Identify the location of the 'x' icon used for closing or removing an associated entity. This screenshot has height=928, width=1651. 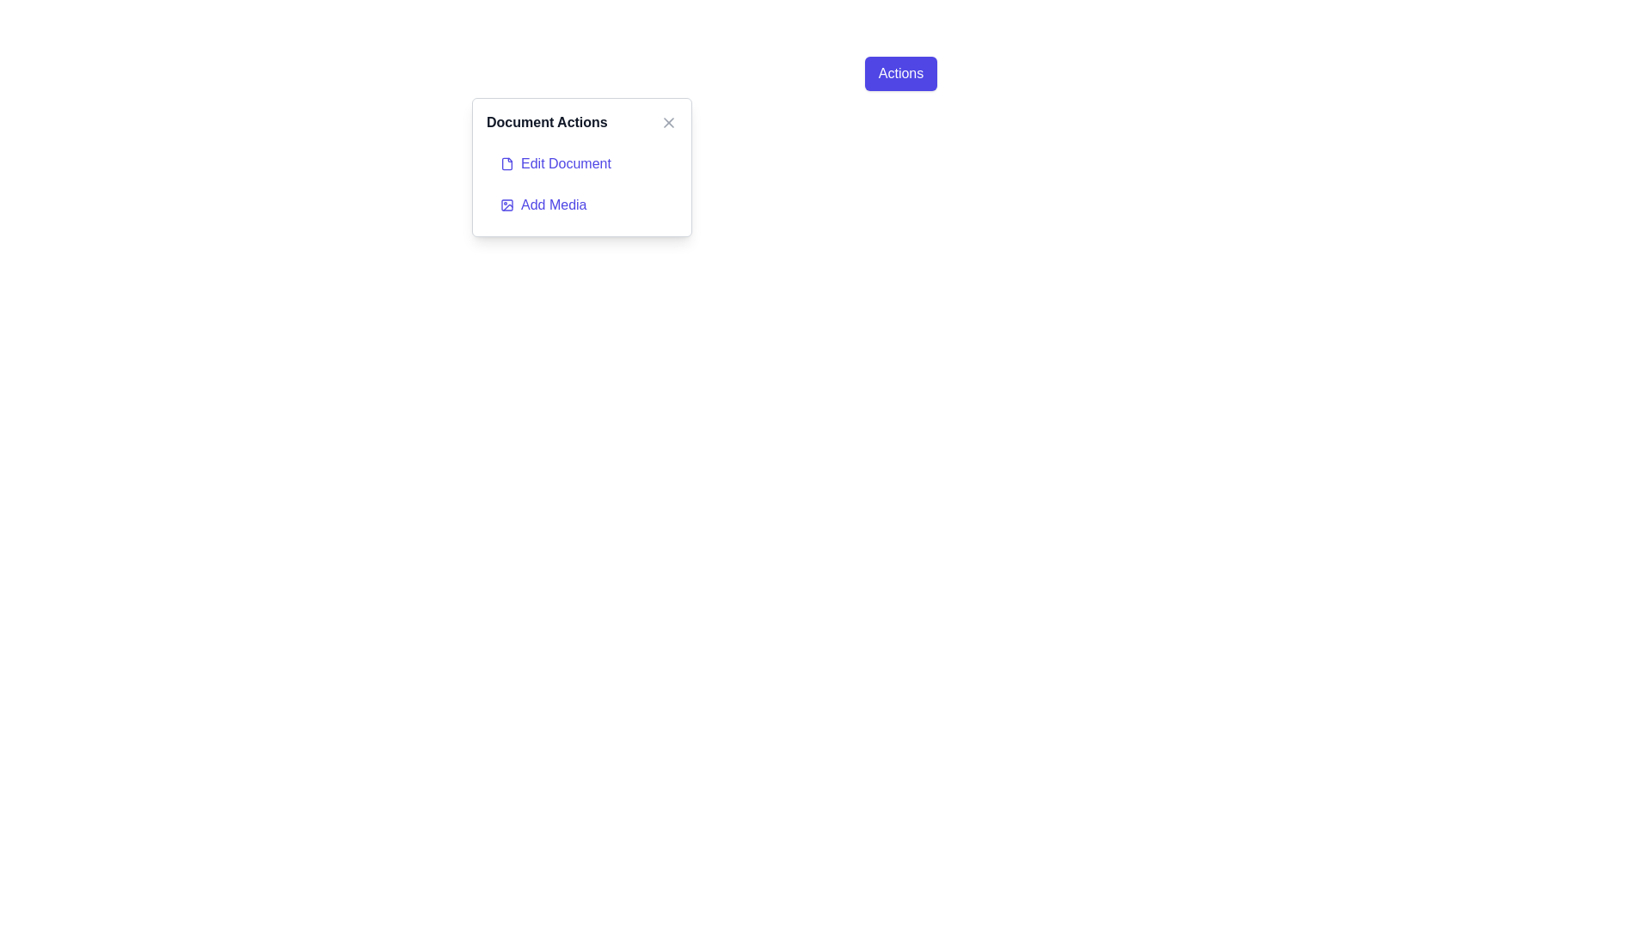
(667, 121).